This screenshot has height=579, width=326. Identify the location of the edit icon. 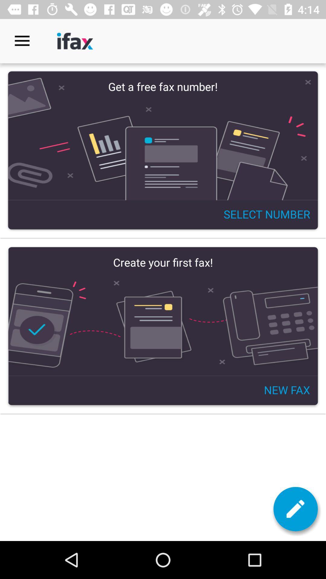
(295, 509).